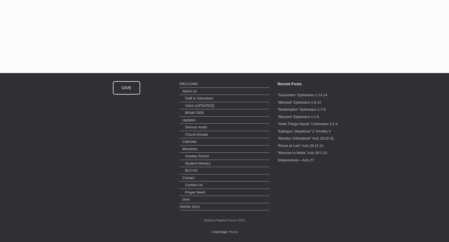 The image size is (449, 242). What do you see at coordinates (194, 112) in the screenshot?
I see `'BF&M 2000'` at bounding box center [194, 112].